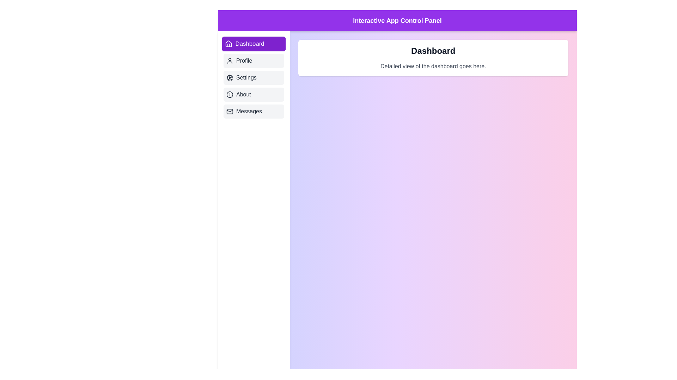 Image resolution: width=677 pixels, height=380 pixels. Describe the element at coordinates (397, 20) in the screenshot. I see `the header labeled 'Interactive App Control Panel' to focus on it` at that location.